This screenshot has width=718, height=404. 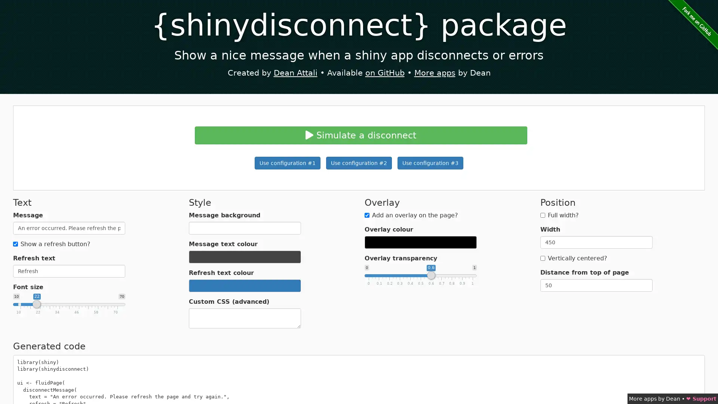 I want to click on Use configuration #3, so click(x=430, y=162).